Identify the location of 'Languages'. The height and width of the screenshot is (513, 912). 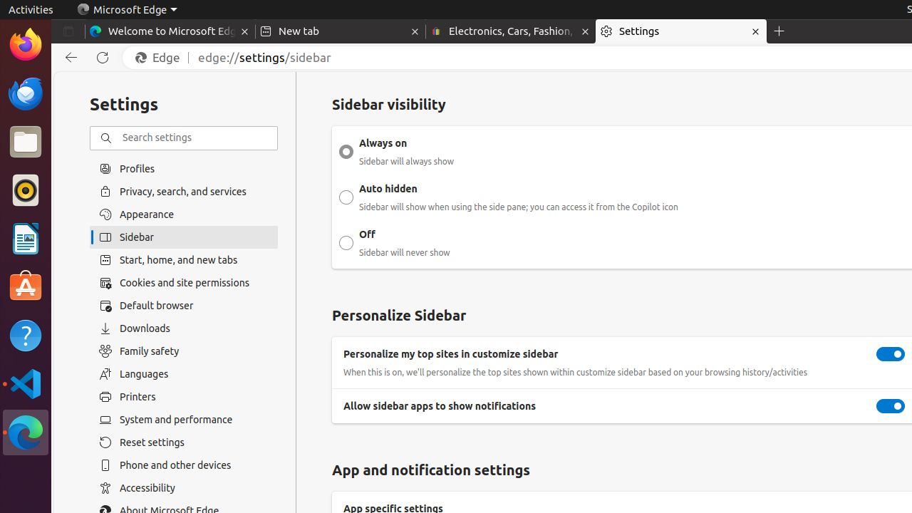
(183, 373).